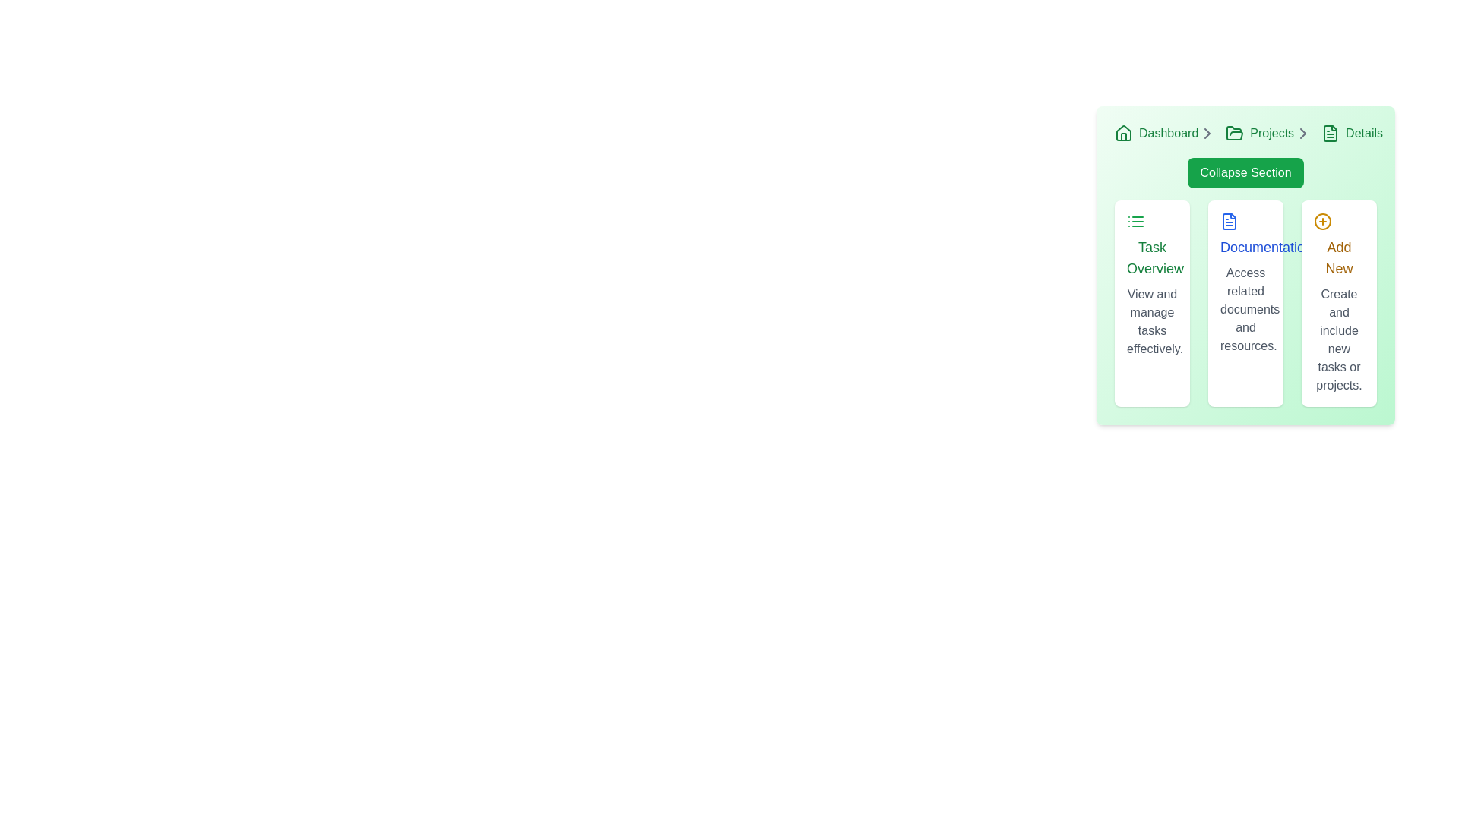  Describe the element at coordinates (1156, 133) in the screenshot. I see `the 'Dashboard' hyperlink, which is styled with a green color and appears adjacent to a home icon in the top left of the interface` at that location.